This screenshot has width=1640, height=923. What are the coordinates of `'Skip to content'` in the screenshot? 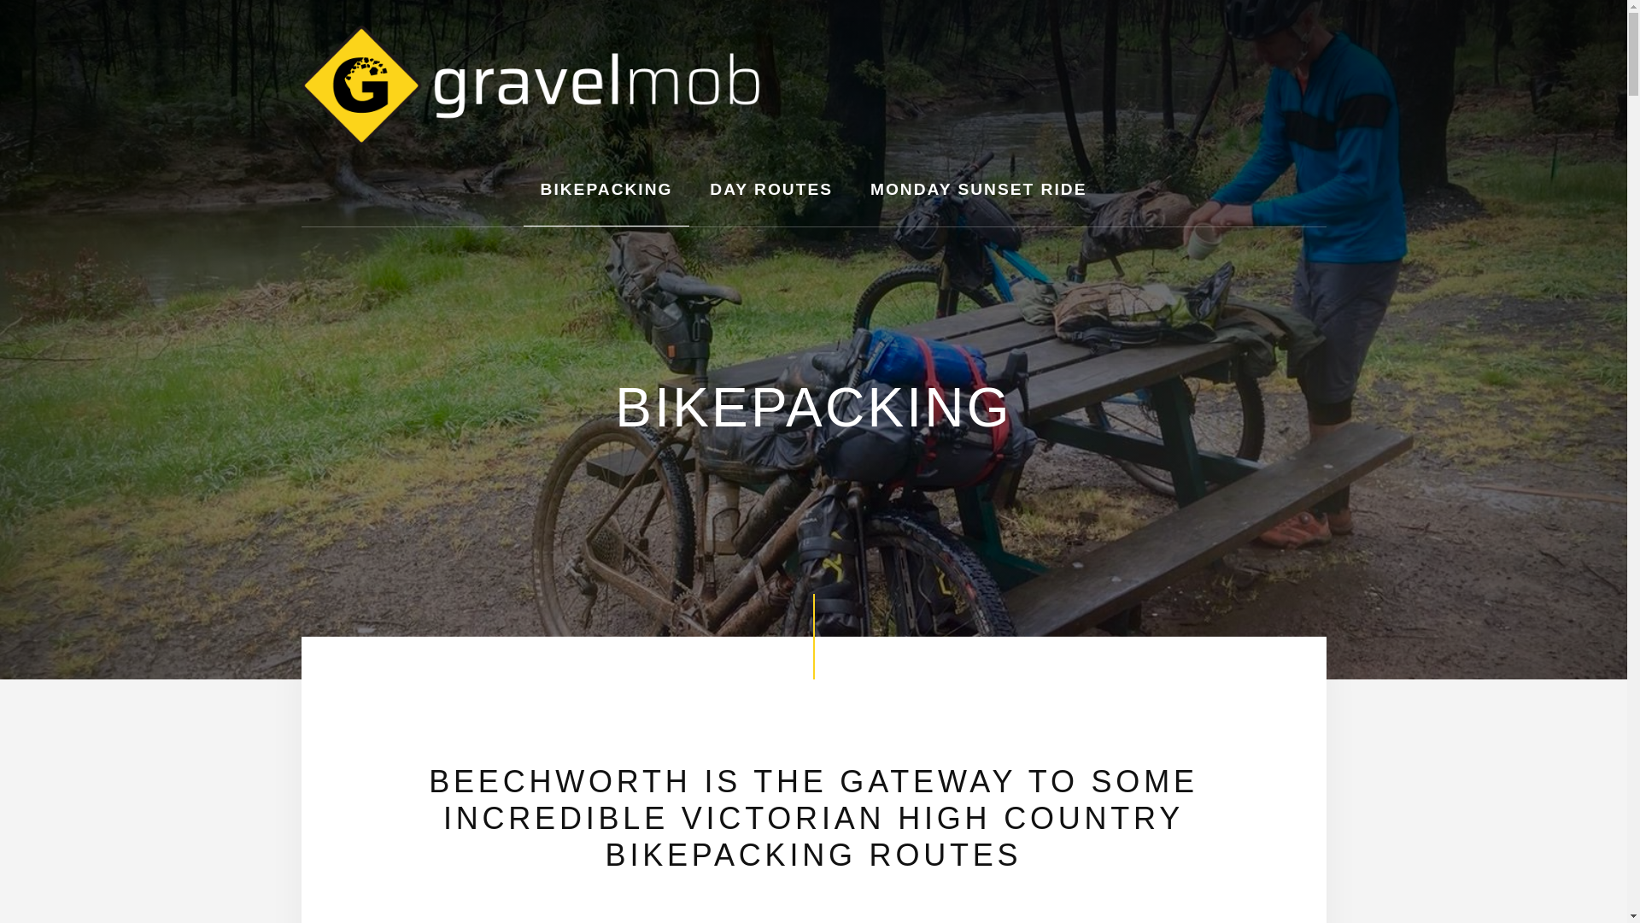 It's located at (0, 0).